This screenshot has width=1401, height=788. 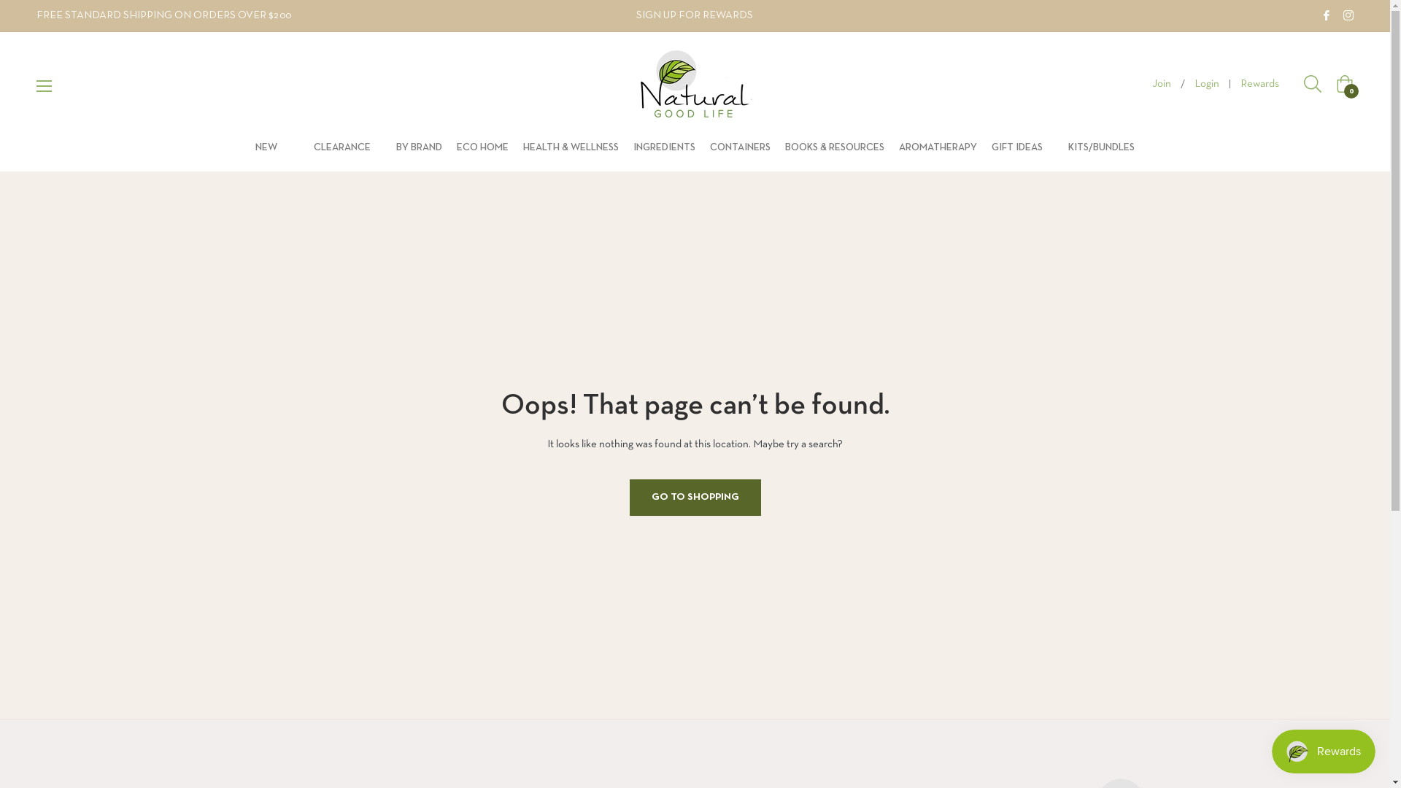 What do you see at coordinates (1101, 147) in the screenshot?
I see `'KITS/BUNDLES'` at bounding box center [1101, 147].